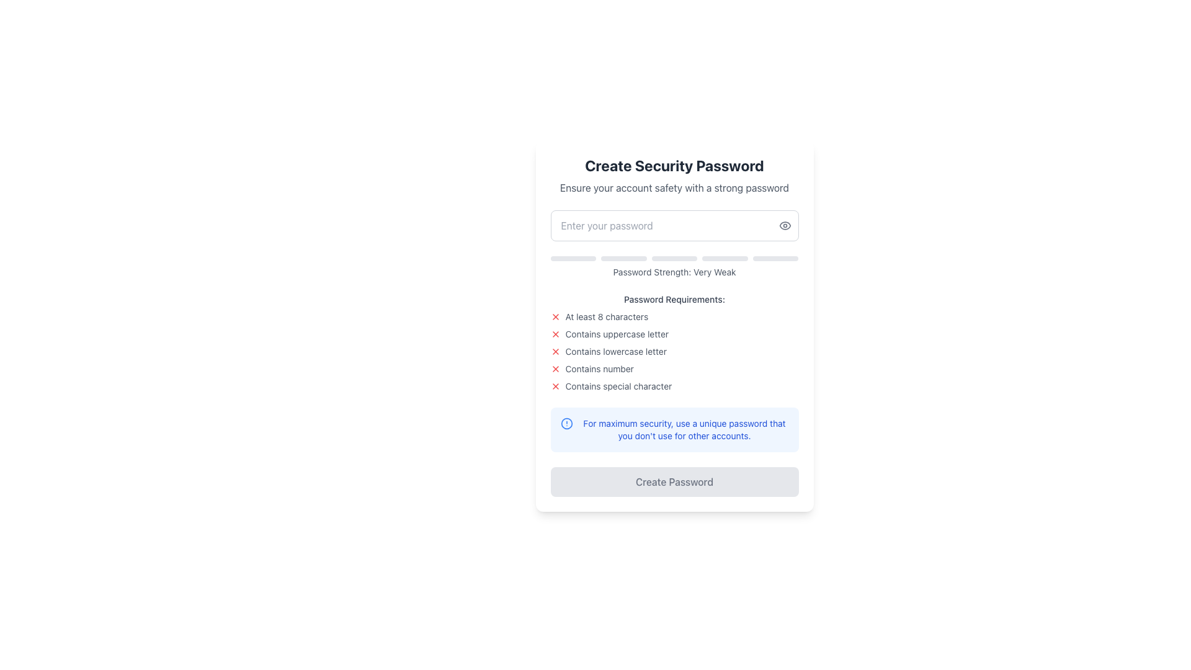 The image size is (1191, 670). I want to click on the third bar of the password strength indicator, which is located below the password input field and above the 'Password Strength' label, so click(674, 257).